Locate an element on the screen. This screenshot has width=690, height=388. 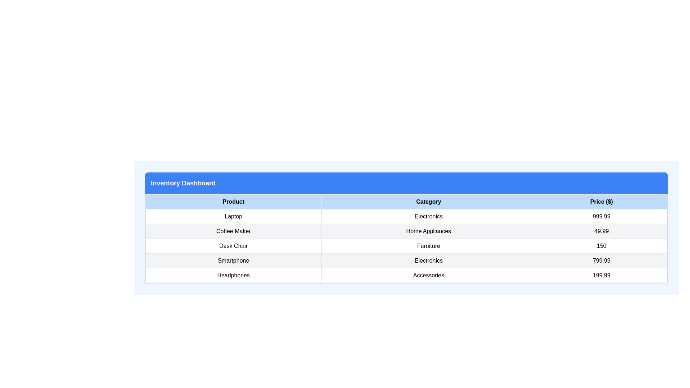
the text display element that shows 'Coffee Maker', which is the first cell in the second row of the table under the 'Product' heading is located at coordinates (233, 231).